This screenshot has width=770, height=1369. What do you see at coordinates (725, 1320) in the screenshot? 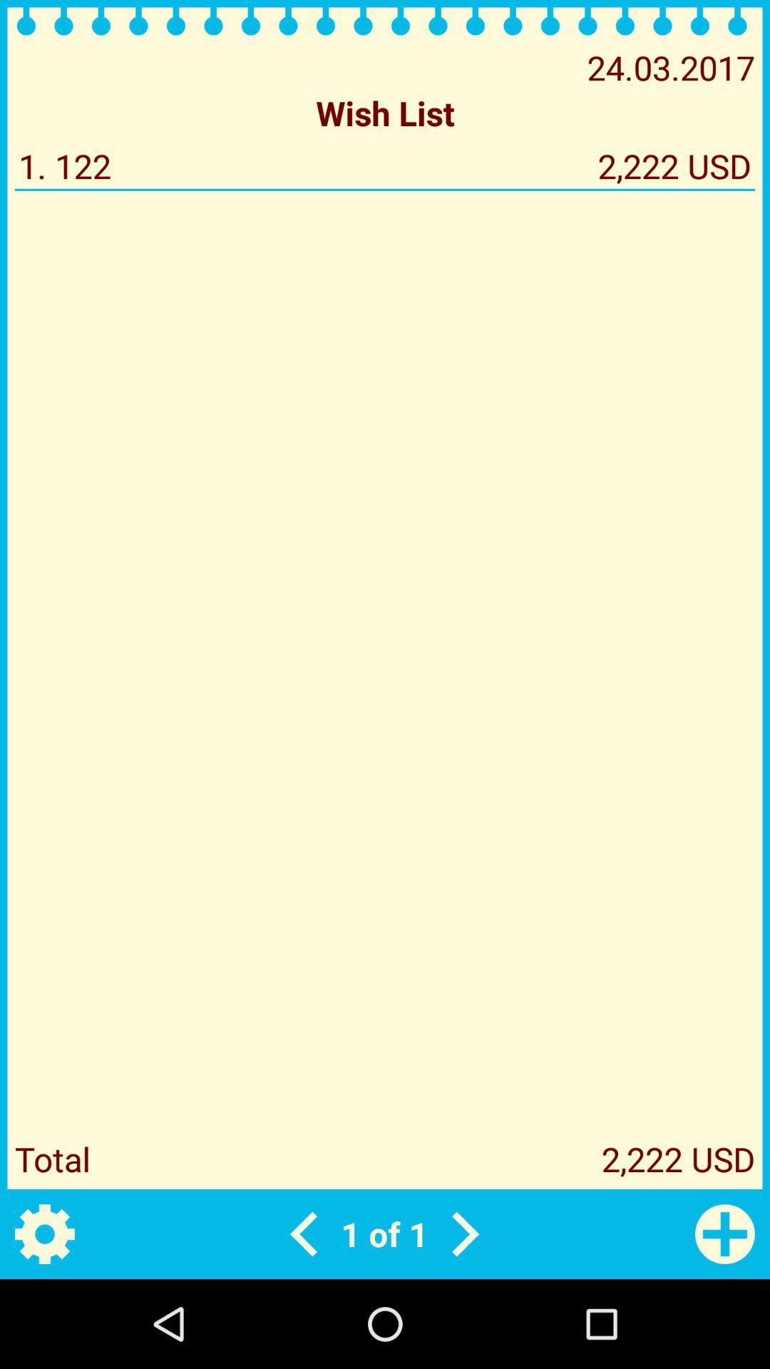
I see `the add icon` at bounding box center [725, 1320].